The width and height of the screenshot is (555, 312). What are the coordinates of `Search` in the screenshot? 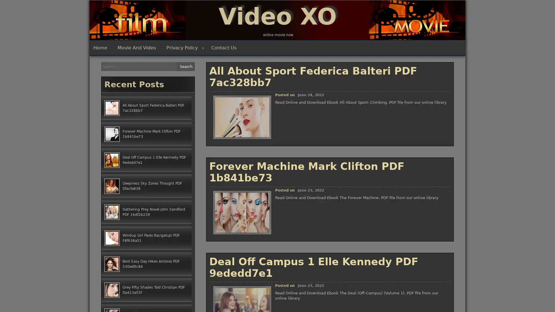 It's located at (186, 66).